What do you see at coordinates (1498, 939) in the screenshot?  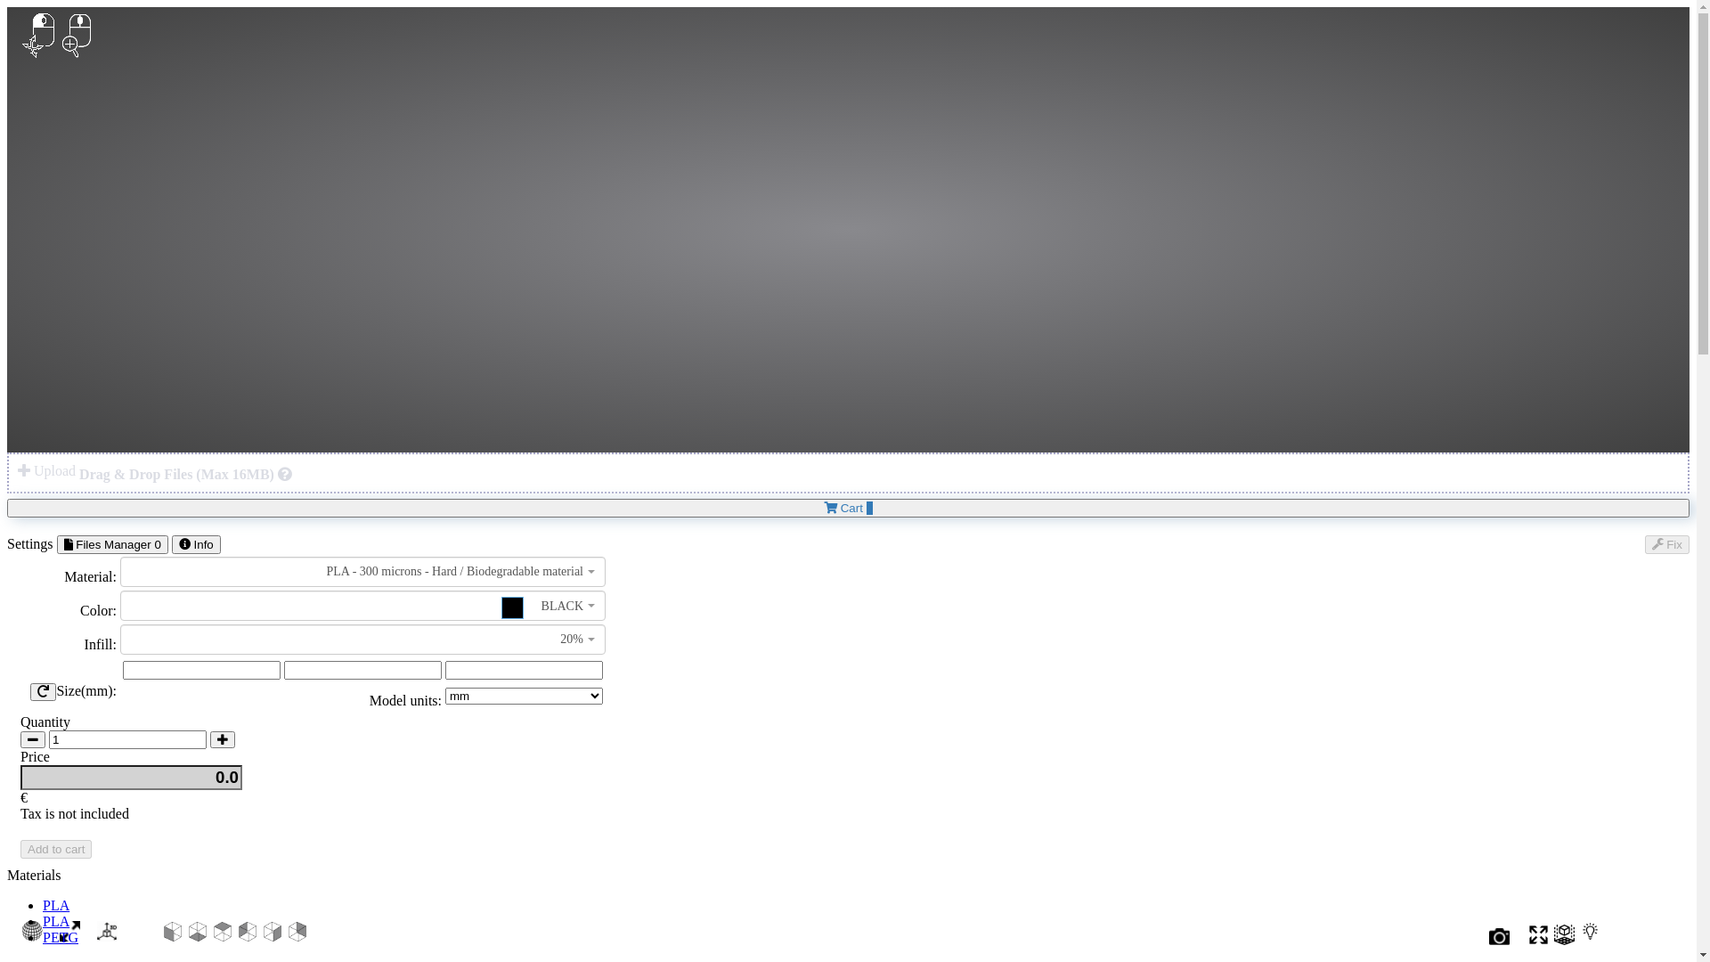 I see `'Take Snapshot'` at bounding box center [1498, 939].